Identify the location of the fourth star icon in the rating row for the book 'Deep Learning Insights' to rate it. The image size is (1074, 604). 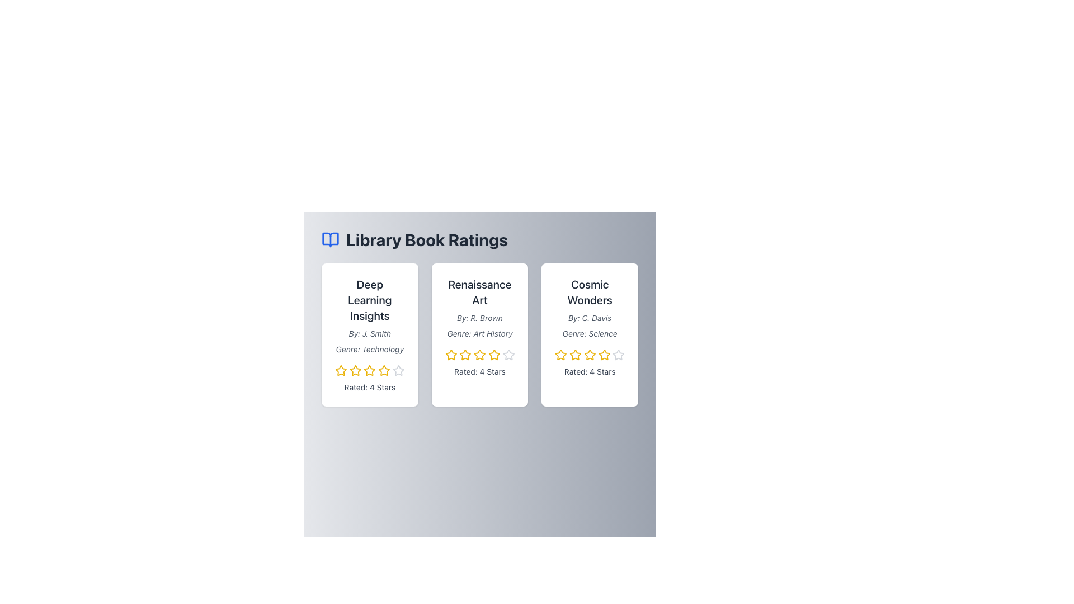
(384, 371).